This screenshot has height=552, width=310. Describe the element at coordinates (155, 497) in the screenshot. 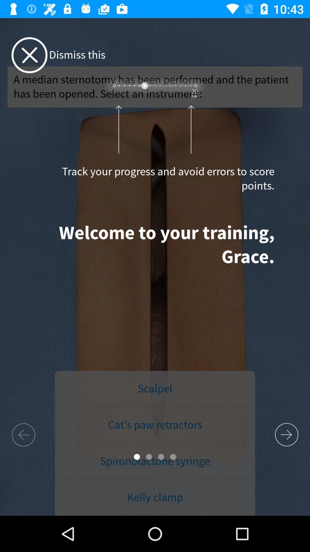

I see `kelly clamp` at that location.